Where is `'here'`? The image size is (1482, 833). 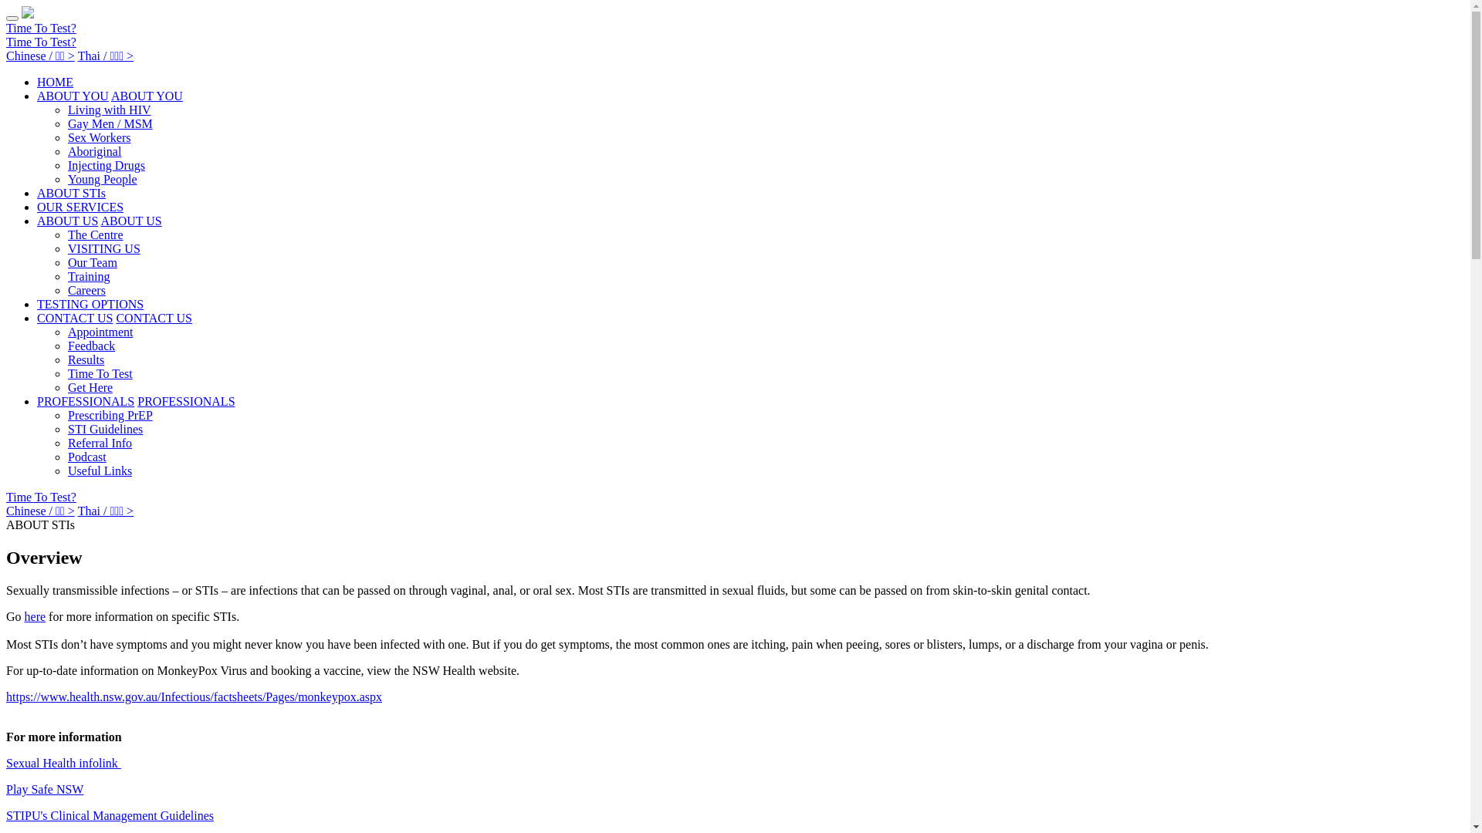
'here' is located at coordinates (36, 615).